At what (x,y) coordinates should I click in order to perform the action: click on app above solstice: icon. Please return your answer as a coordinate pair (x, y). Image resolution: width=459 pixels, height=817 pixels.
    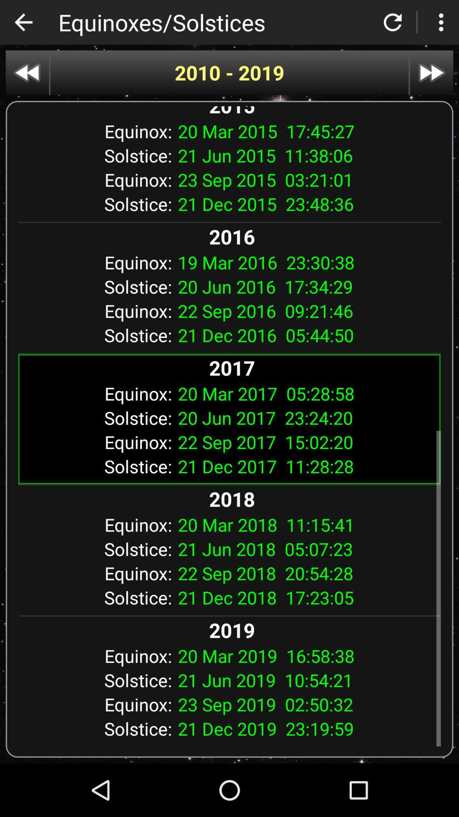
    Looking at the image, I should click on (306, 262).